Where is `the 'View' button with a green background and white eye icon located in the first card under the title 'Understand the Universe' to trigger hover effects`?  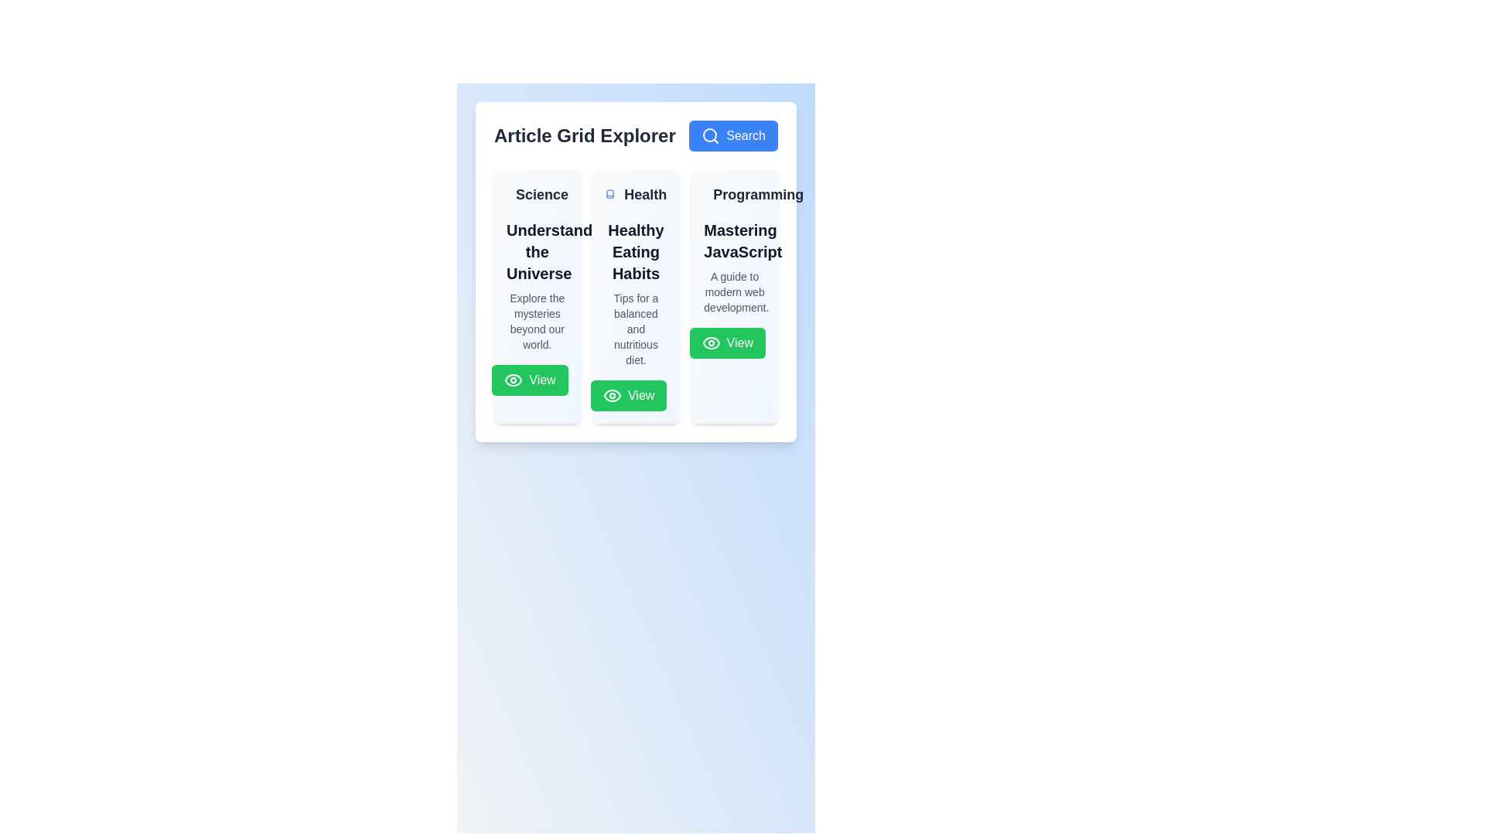 the 'View' button with a green background and white eye icon located in the first card under the title 'Understand the Universe' to trigger hover effects is located at coordinates (530, 380).